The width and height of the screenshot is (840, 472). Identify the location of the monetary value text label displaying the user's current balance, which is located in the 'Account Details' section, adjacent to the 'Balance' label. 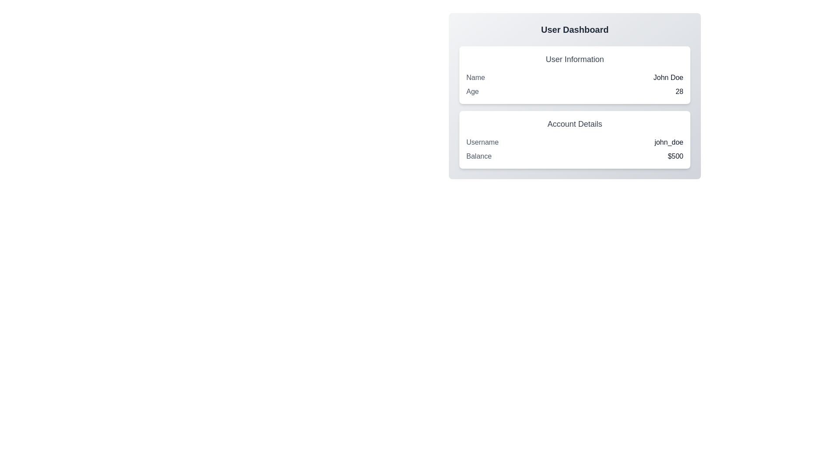
(675, 156).